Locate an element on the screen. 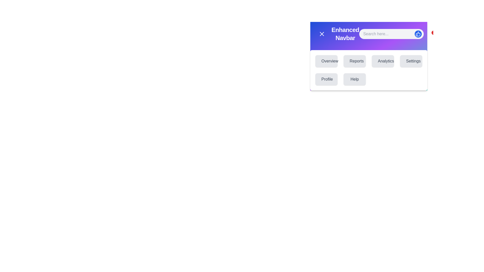  the thumbs-up button is located at coordinates (418, 34).